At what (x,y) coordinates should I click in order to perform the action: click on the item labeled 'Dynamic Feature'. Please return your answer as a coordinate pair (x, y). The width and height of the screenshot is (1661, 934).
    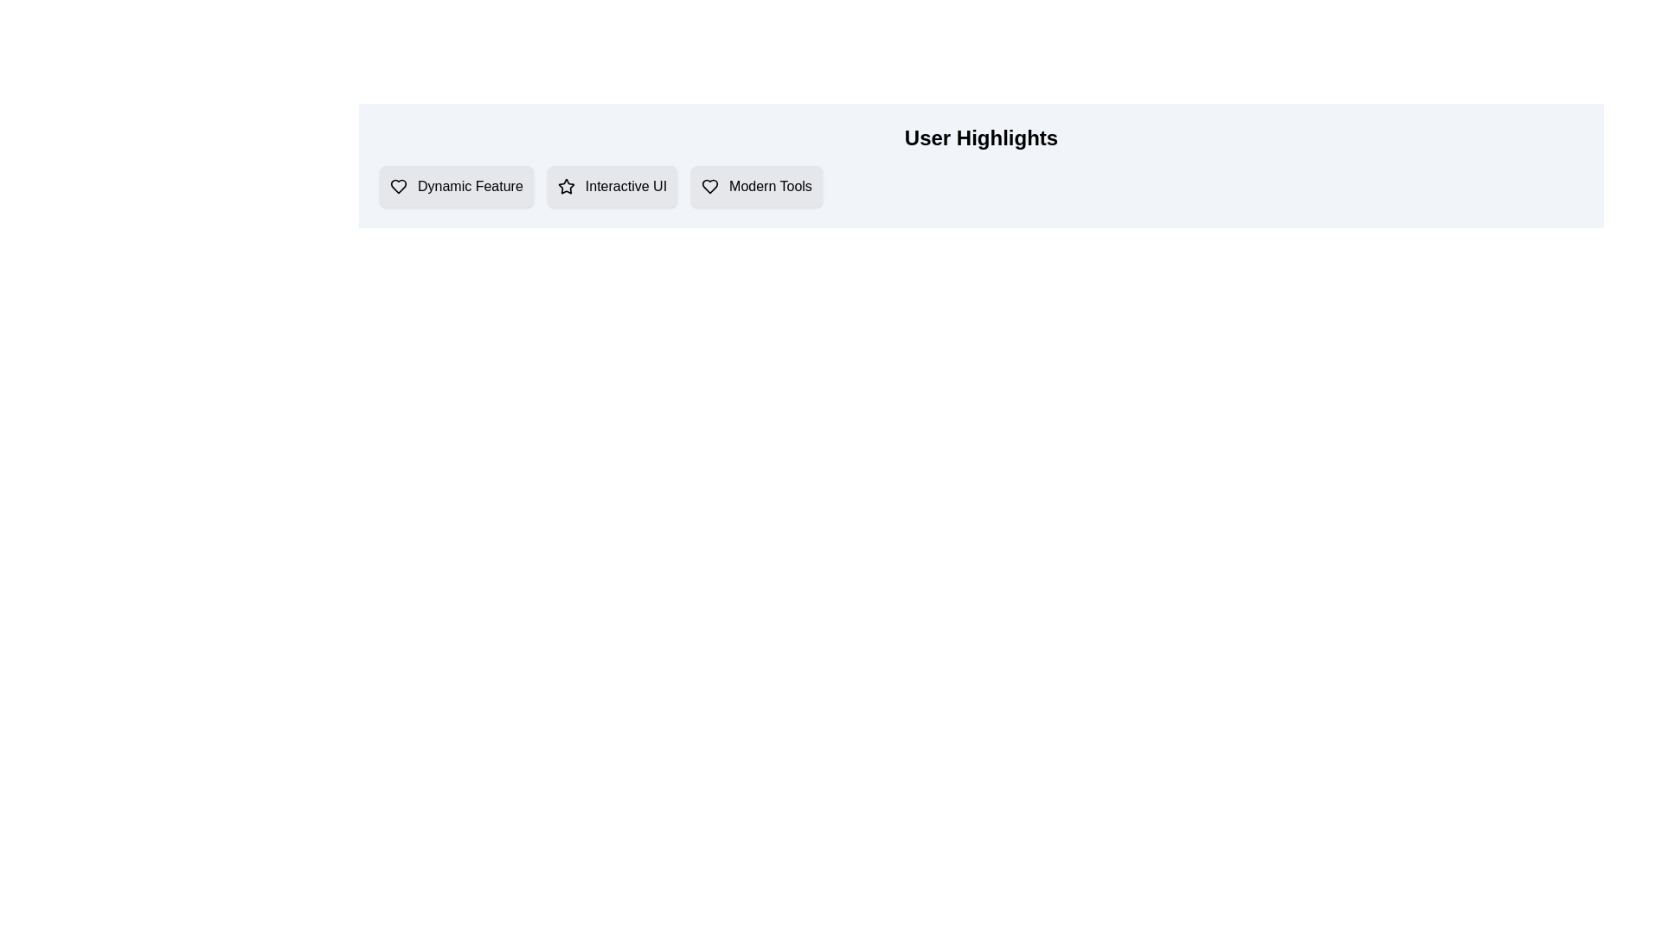
    Looking at the image, I should click on (457, 187).